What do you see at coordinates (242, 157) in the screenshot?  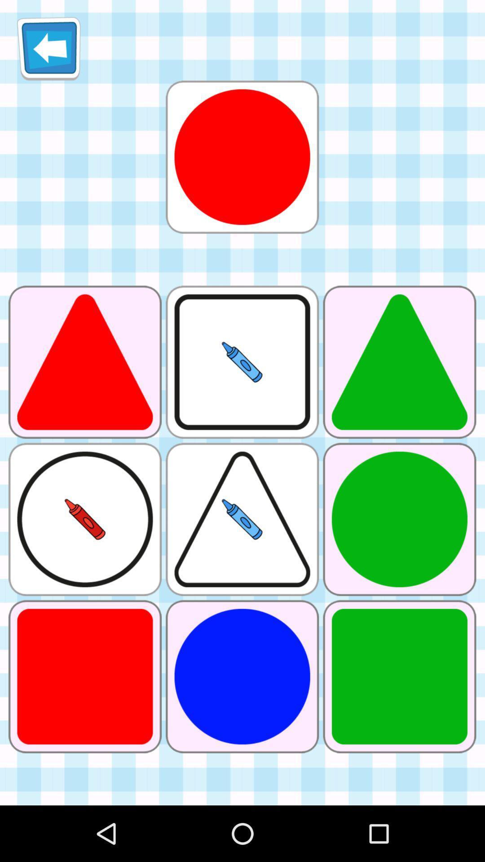 I see `this shape` at bounding box center [242, 157].